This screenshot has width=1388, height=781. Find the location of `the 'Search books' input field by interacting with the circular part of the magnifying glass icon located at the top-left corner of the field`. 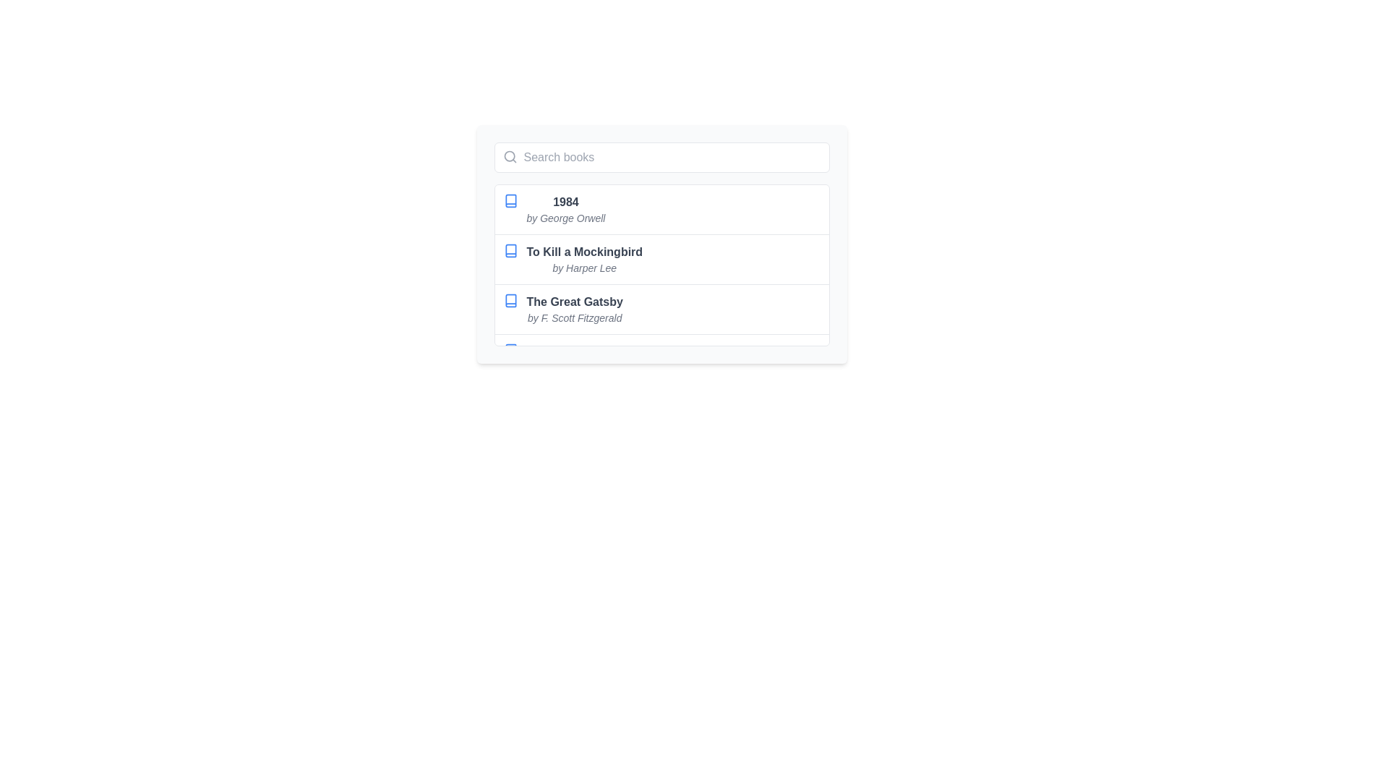

the 'Search books' input field by interacting with the circular part of the magnifying glass icon located at the top-left corner of the field is located at coordinates (509, 156).